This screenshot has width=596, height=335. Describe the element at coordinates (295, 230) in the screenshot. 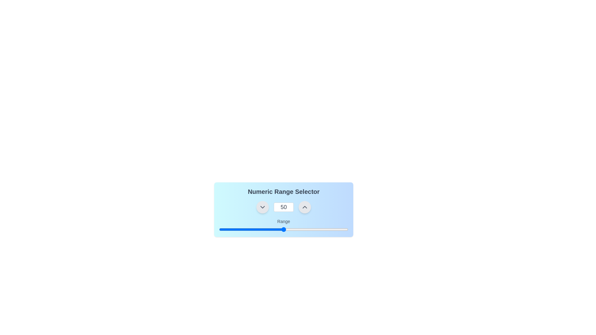

I see `range` at that location.